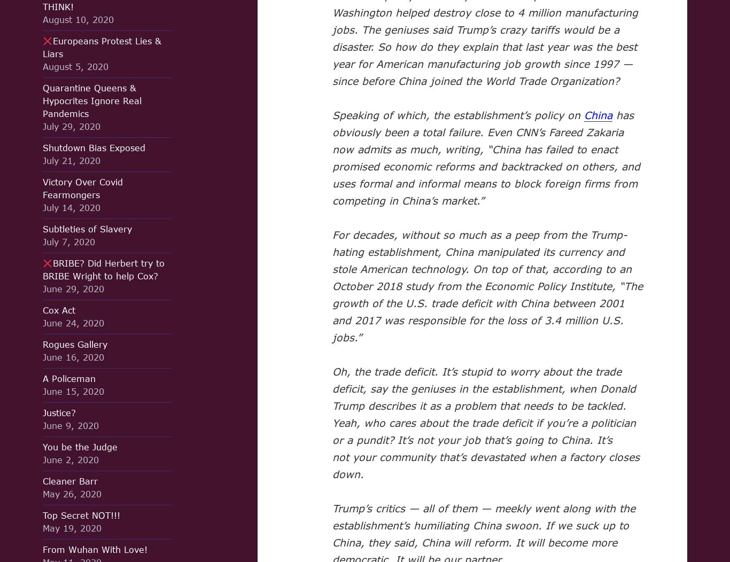 The image size is (730, 562). I want to click on 'June 16, 2020', so click(43, 356).